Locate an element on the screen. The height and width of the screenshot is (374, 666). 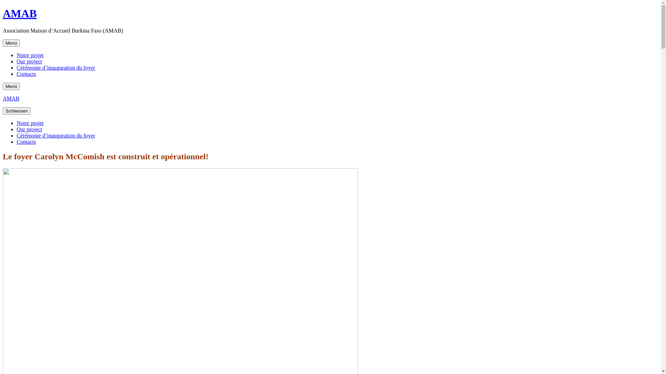
'Notre projet' is located at coordinates (29, 123).